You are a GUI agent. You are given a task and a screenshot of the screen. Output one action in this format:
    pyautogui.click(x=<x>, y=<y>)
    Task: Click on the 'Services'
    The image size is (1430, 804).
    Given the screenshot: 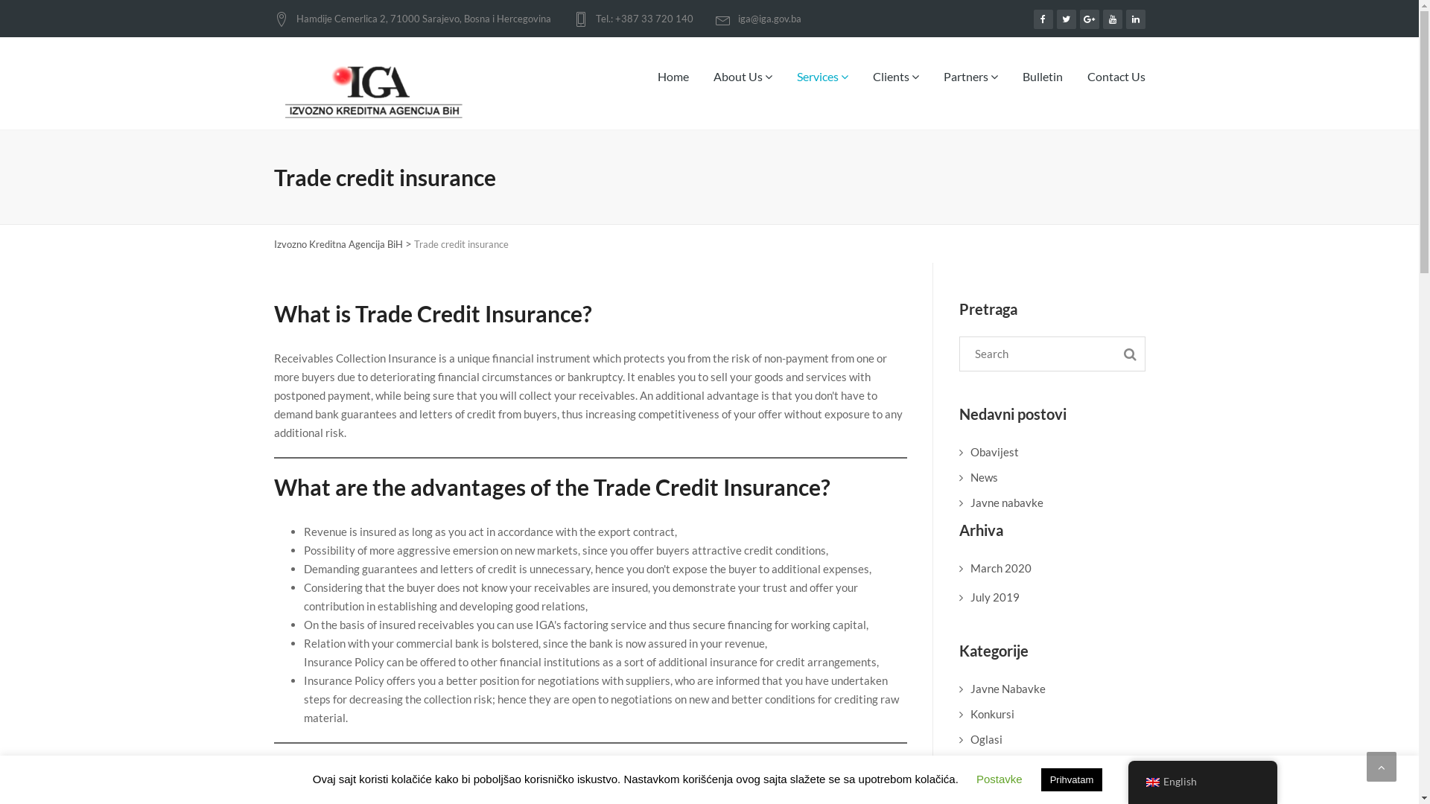 What is the action you would take?
    pyautogui.click(x=784, y=88)
    